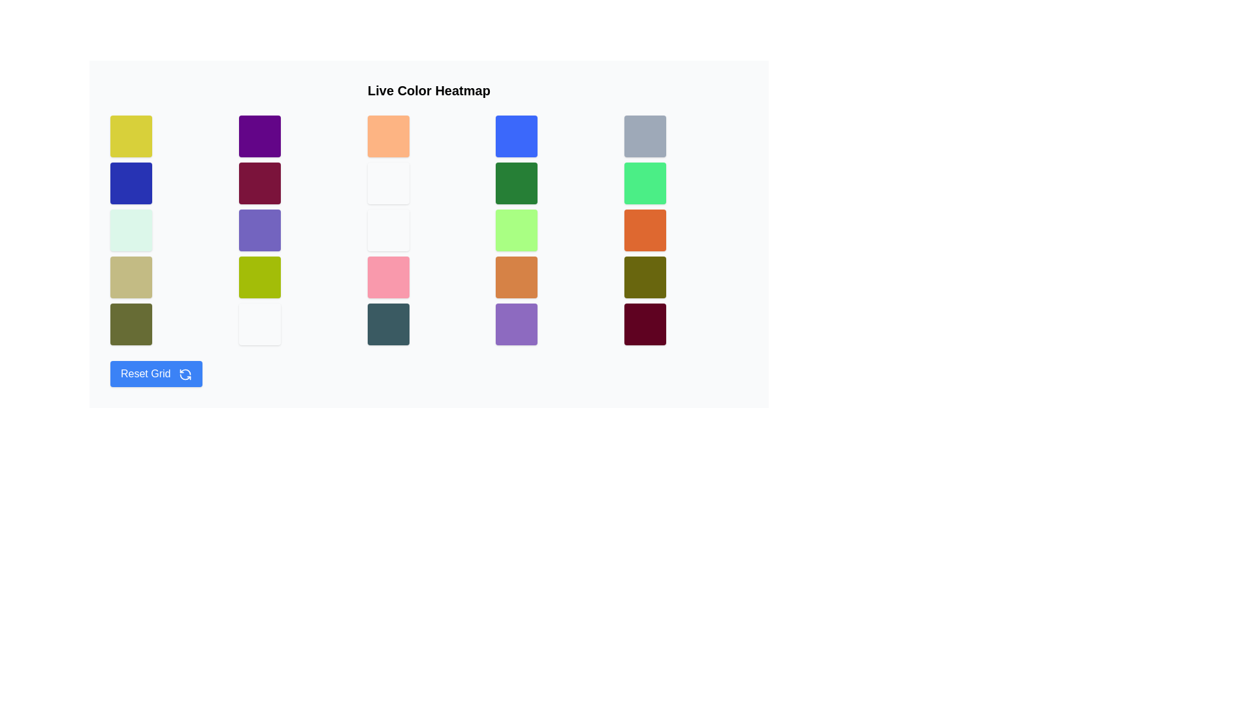 This screenshot has width=1254, height=705. I want to click on the reset button located in the bottom-left corner of the layout section to observe the visual effect it triggers, so click(156, 374).